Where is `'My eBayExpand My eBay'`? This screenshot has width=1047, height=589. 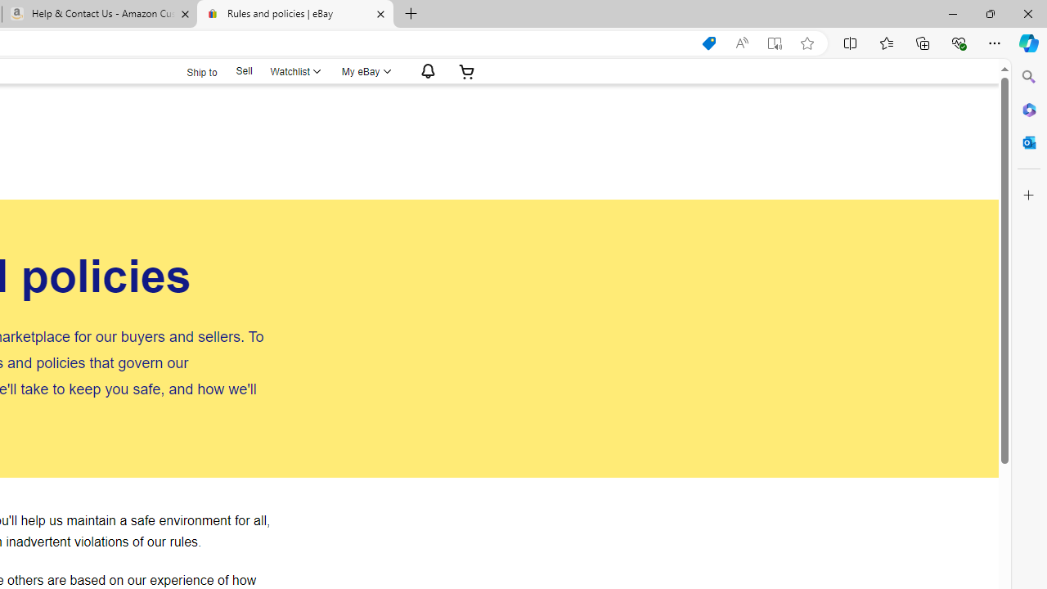 'My eBayExpand My eBay' is located at coordinates (364, 70).